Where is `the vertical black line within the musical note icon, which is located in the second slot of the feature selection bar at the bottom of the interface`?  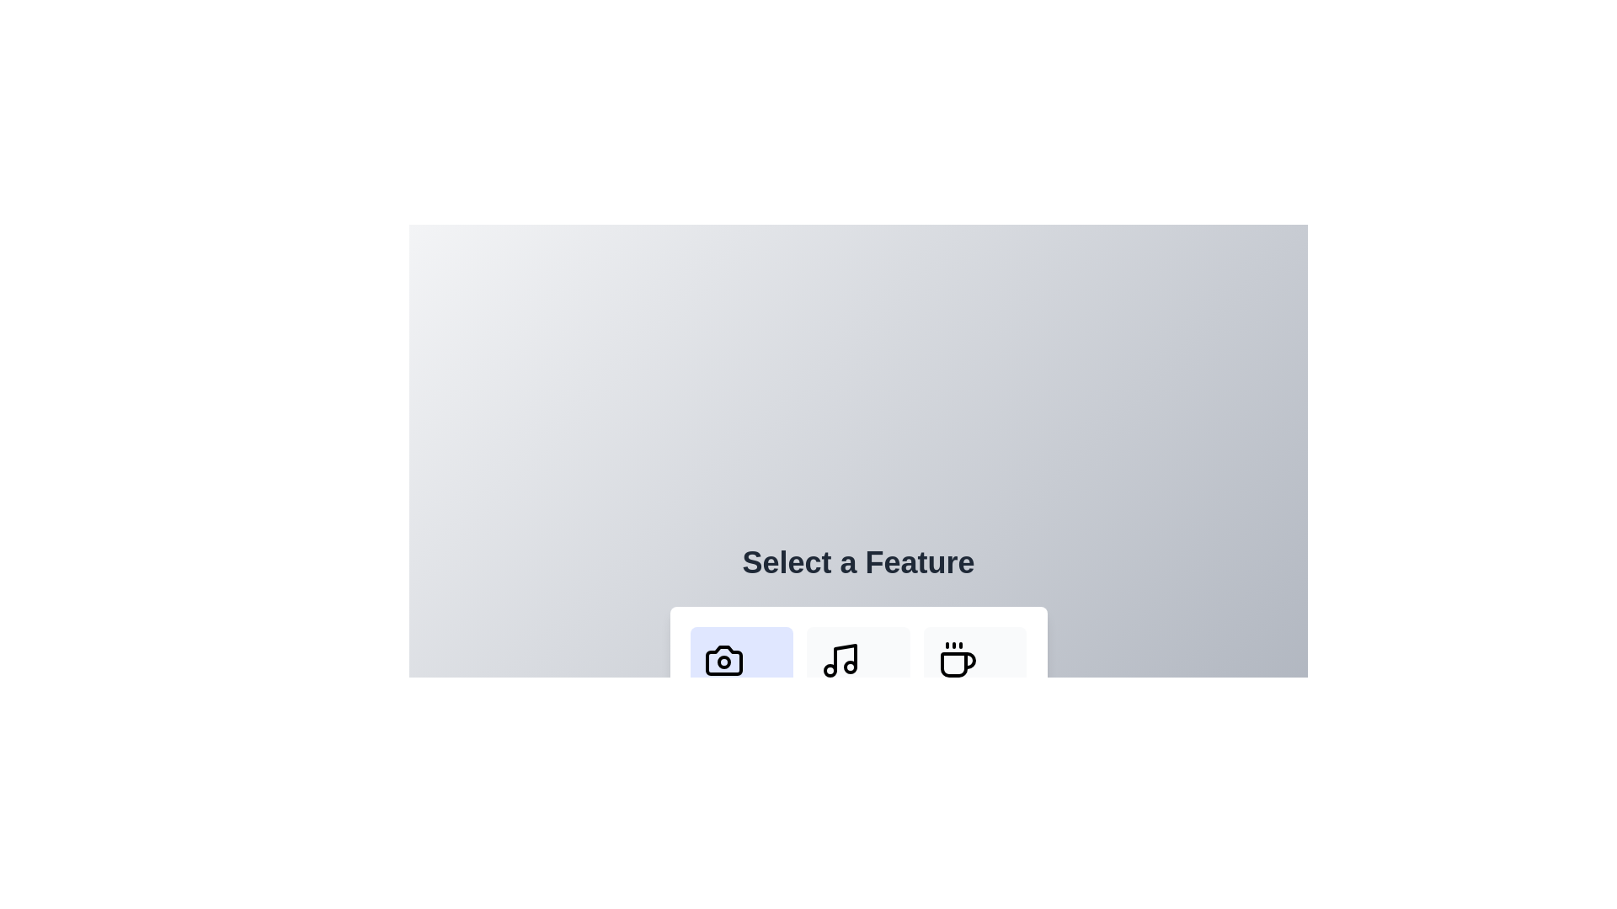
the vertical black line within the musical note icon, which is located in the second slot of the feature selection bar at the bottom of the interface is located at coordinates (846, 657).